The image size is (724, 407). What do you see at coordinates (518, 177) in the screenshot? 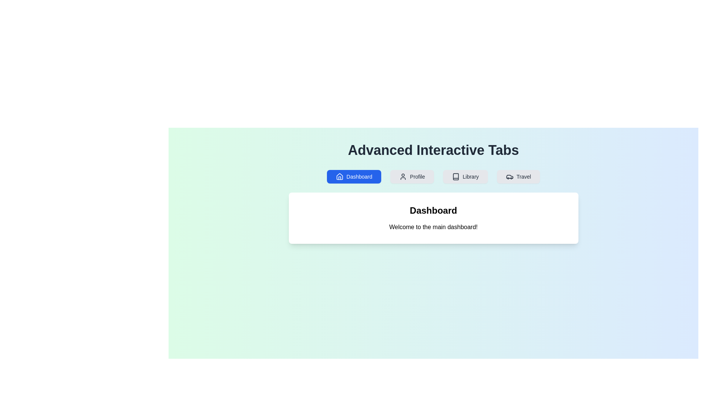
I see `the 'Travel' button, which is a rectangular button with a car icon and the text 'Travel', located at the right-most position of the navigation buttons` at bounding box center [518, 177].